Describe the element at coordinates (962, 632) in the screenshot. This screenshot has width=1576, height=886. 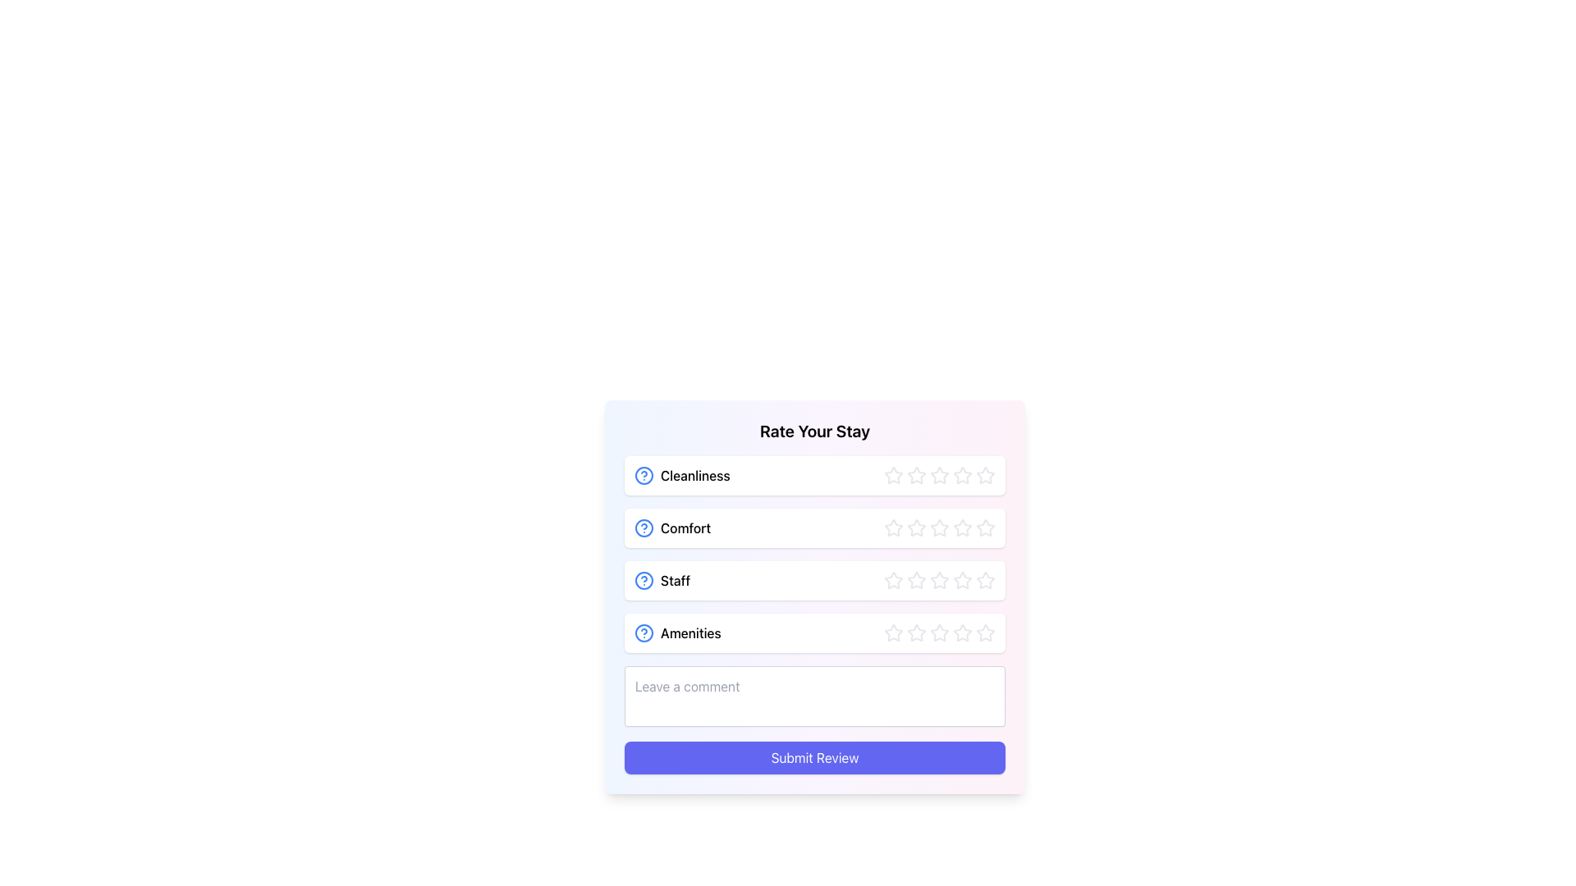
I see `the sixth star icon in the 'Amenities' category of the 'Rate Your Stay' section` at that location.